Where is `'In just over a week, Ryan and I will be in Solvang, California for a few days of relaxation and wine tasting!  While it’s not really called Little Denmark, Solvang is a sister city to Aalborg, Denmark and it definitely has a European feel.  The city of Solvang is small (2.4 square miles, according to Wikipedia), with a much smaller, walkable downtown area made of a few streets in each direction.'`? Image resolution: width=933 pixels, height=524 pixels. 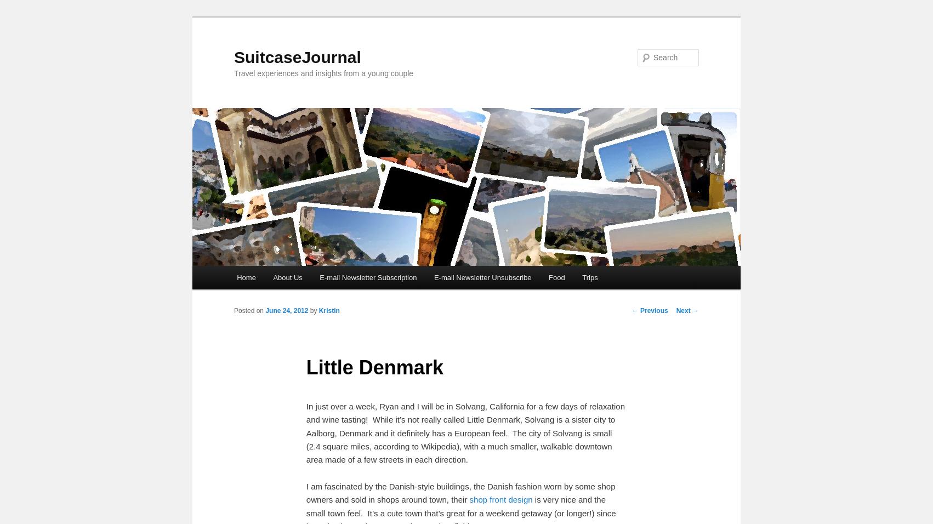
'In just over a week, Ryan and I will be in Solvang, California for a few days of relaxation and wine tasting!  While it’s not really called Little Denmark, Solvang is a sister city to Aalborg, Denmark and it definitely has a European feel.  The city of Solvang is small (2.4 square miles, according to Wikipedia), with a much smaller, walkable downtown area made of a few streets in each direction.' is located at coordinates (464, 432).